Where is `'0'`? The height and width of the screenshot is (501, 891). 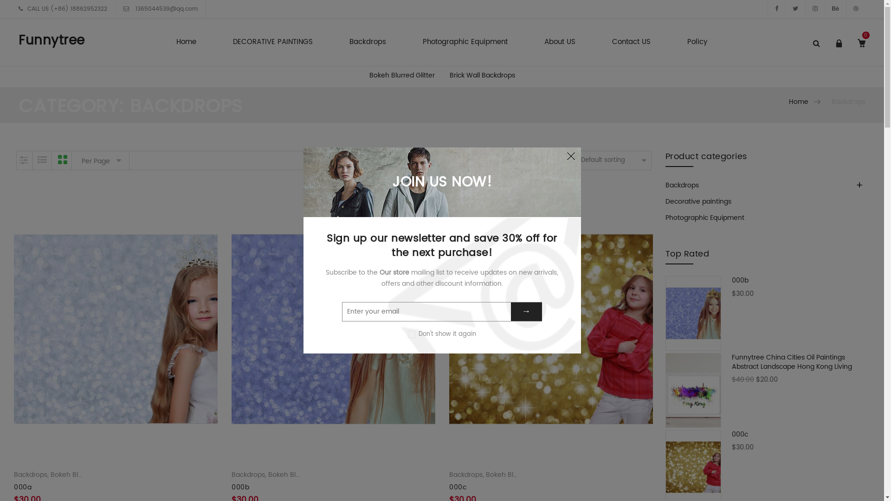 '0' is located at coordinates (853, 51).